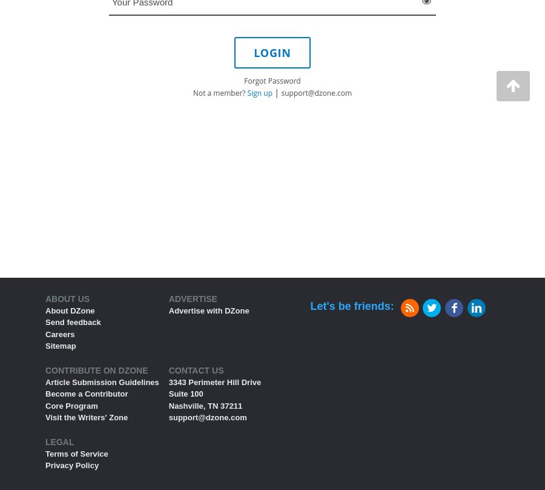  What do you see at coordinates (44, 309) in the screenshot?
I see `'About DZone'` at bounding box center [44, 309].